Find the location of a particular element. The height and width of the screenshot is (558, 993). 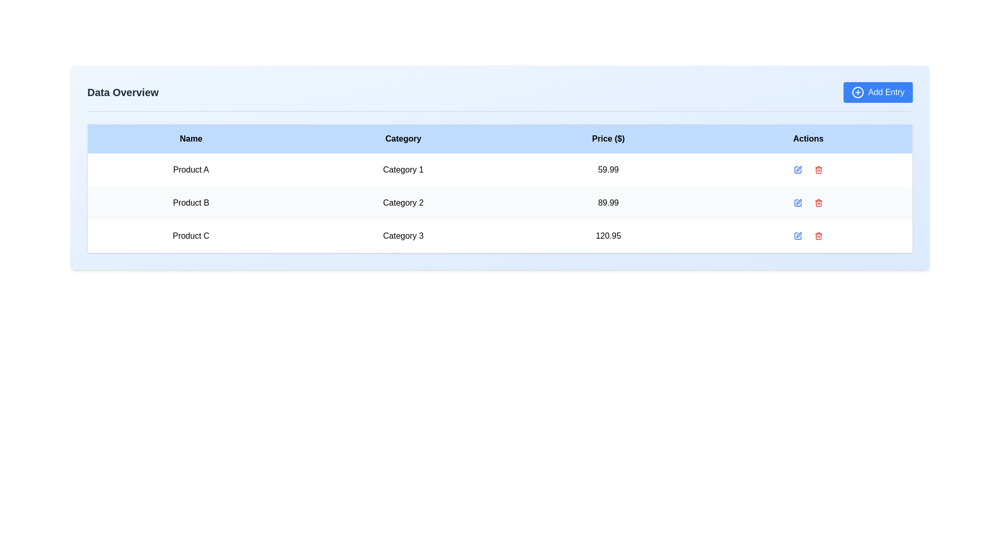

the static text displaying the numeric value '120.95' in the third row and third column of the table, which has a light gray background and black font is located at coordinates (608, 236).